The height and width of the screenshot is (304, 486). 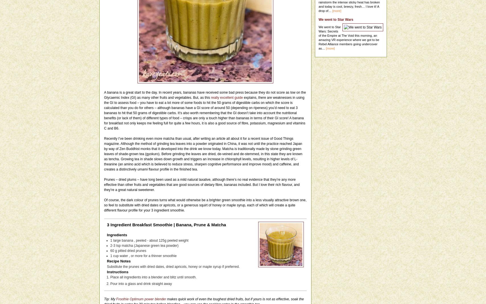 I want to click on 'water', so click(x=124, y=255).